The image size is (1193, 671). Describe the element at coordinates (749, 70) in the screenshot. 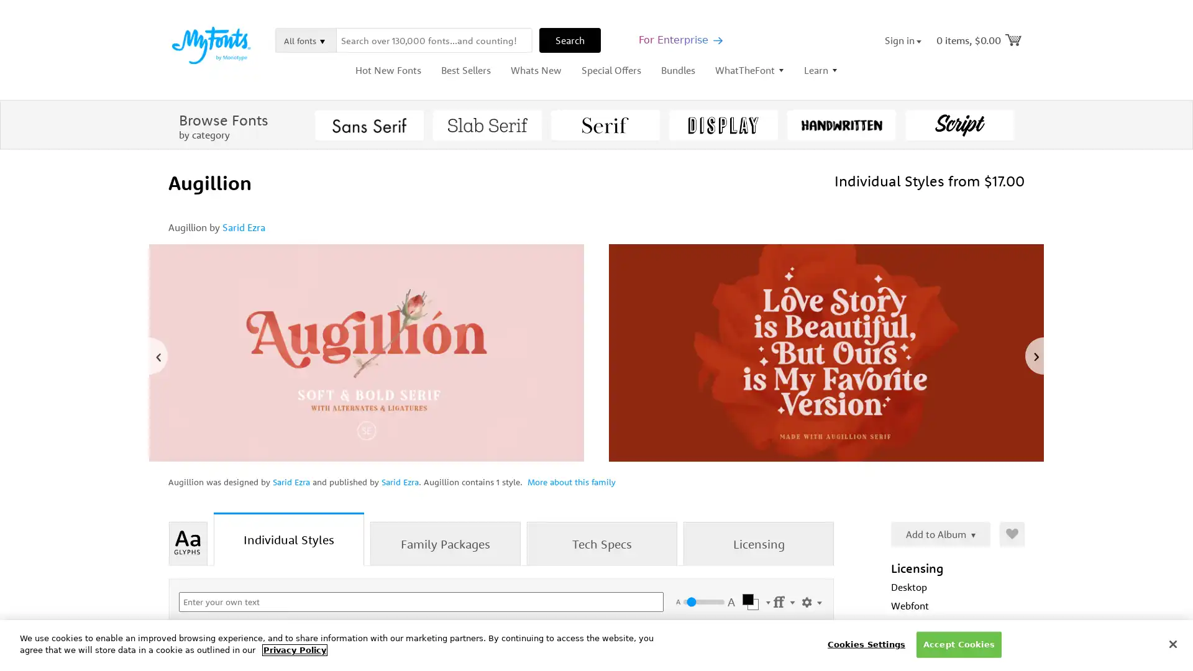

I see `WhatTheFont` at that location.